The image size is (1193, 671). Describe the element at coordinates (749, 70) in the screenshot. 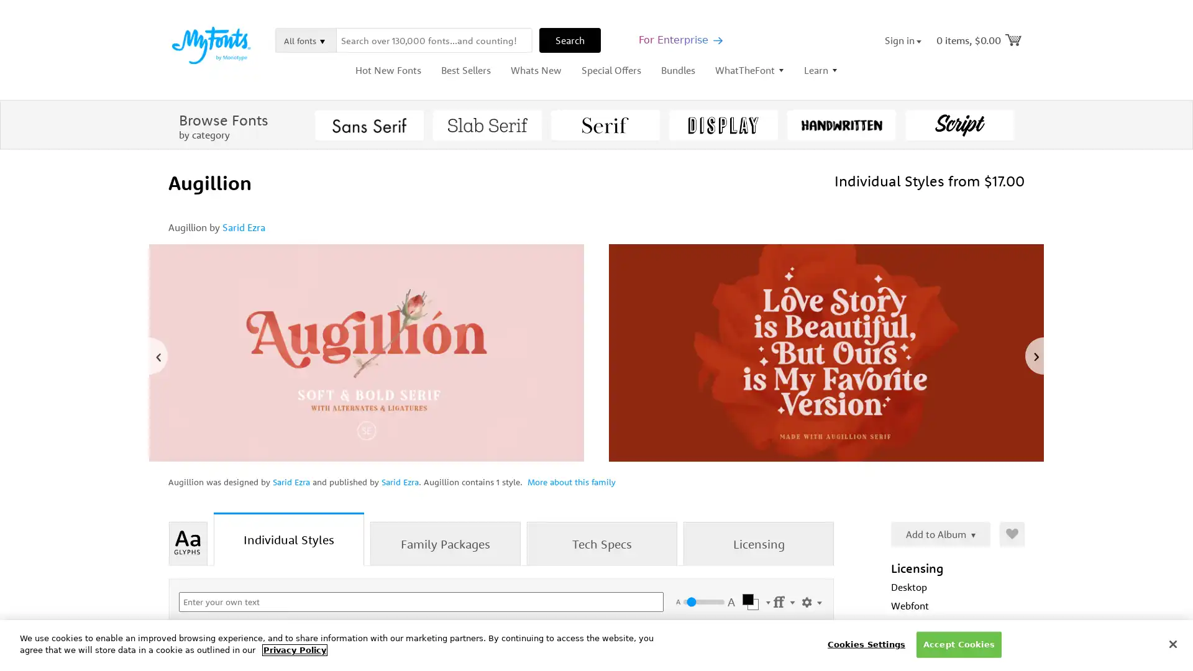

I see `WhatTheFont` at that location.